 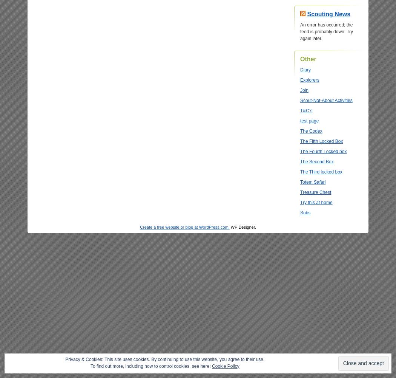 What do you see at coordinates (313, 182) in the screenshot?
I see `'Totem Safari'` at bounding box center [313, 182].